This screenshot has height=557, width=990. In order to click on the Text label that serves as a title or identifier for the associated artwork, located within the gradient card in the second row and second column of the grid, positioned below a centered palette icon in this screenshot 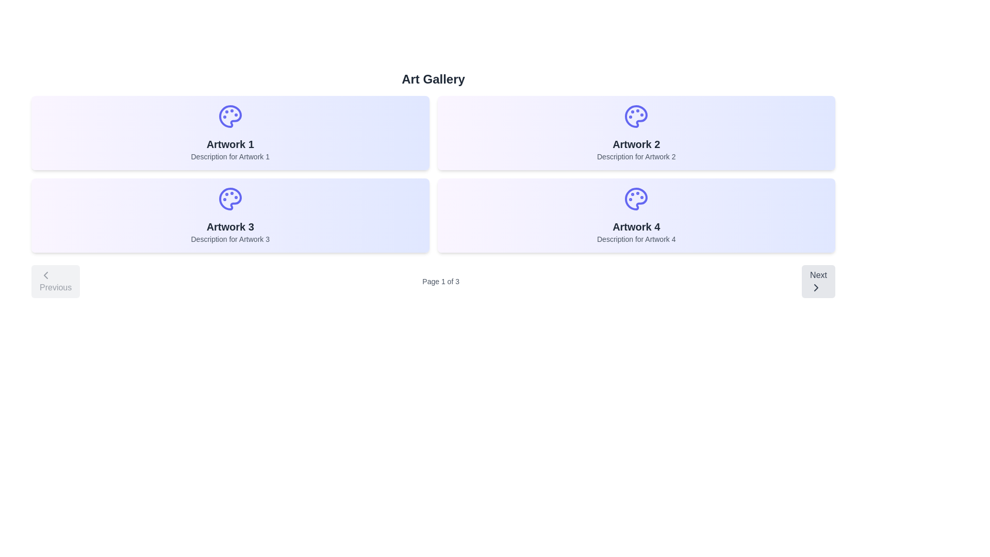, I will do `click(636, 226)`.